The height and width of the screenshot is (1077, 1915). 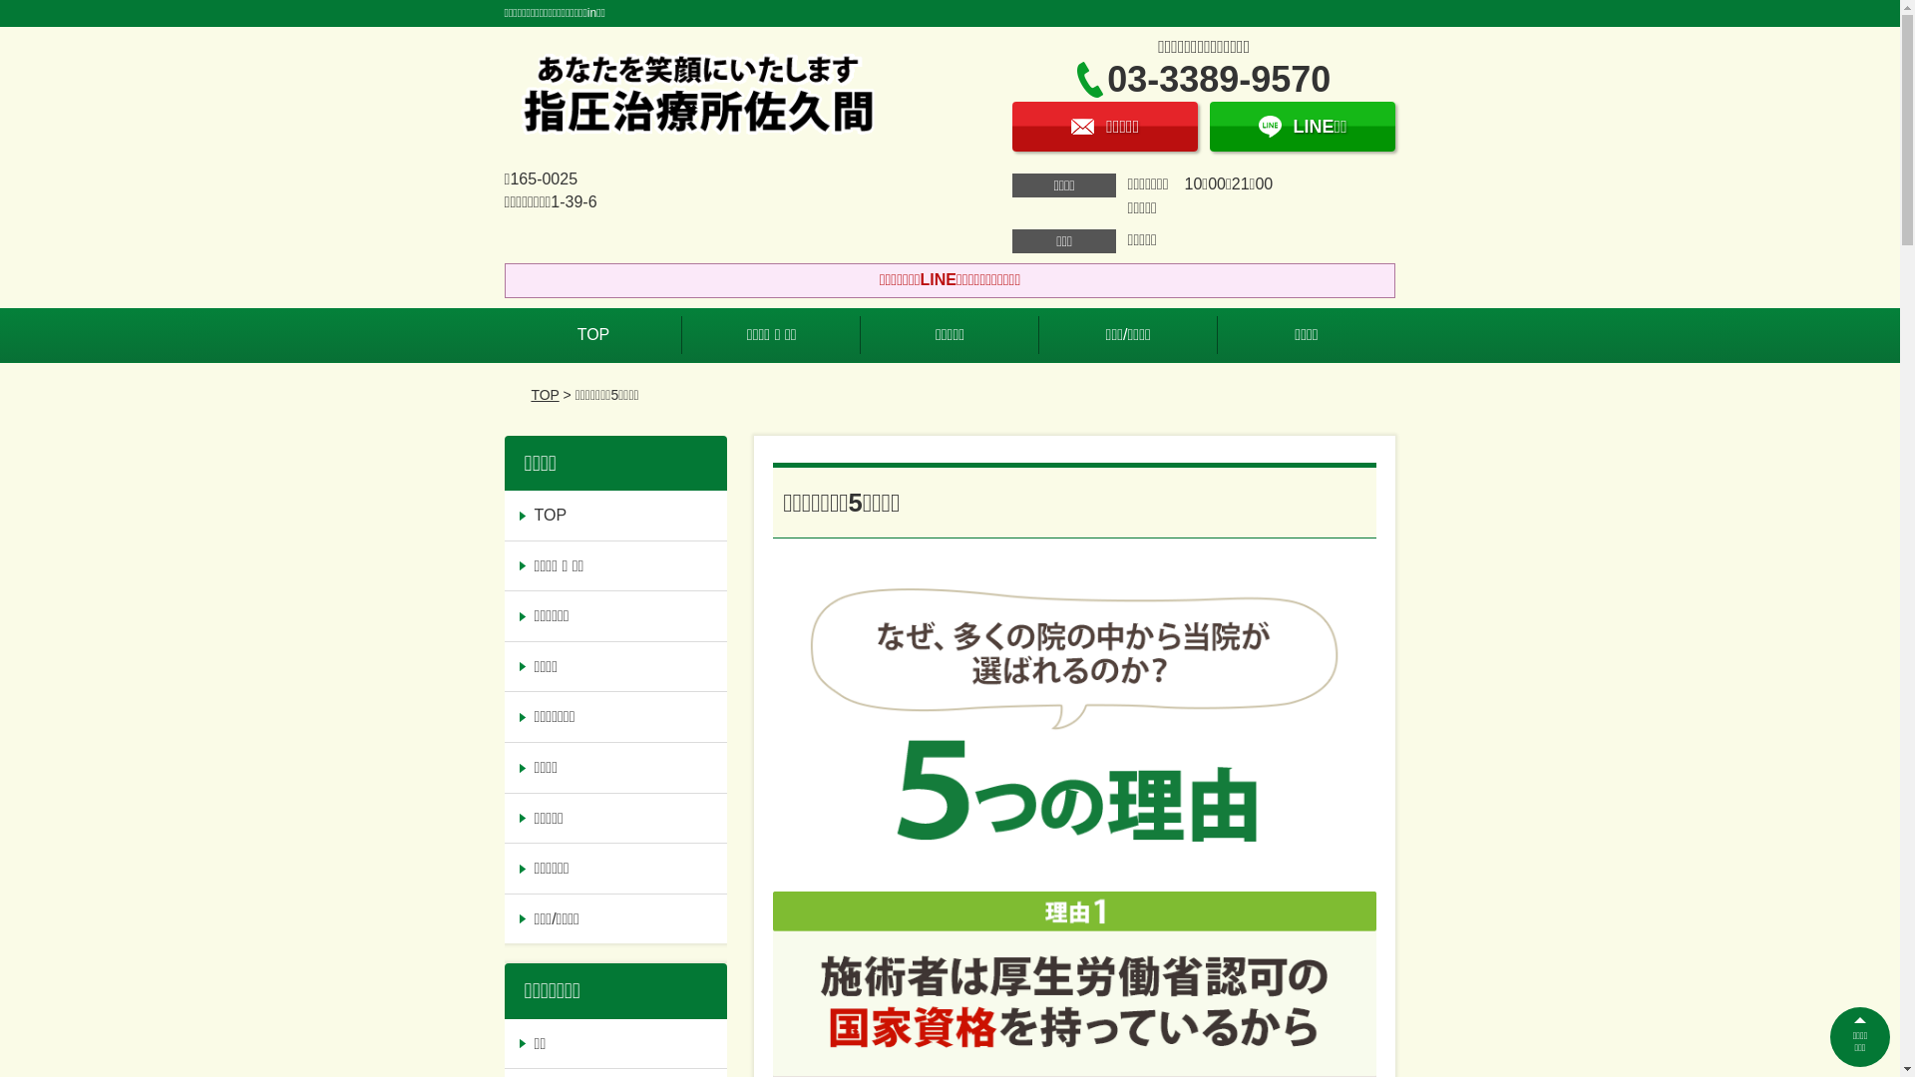 I want to click on 'TOP', so click(x=545, y=395).